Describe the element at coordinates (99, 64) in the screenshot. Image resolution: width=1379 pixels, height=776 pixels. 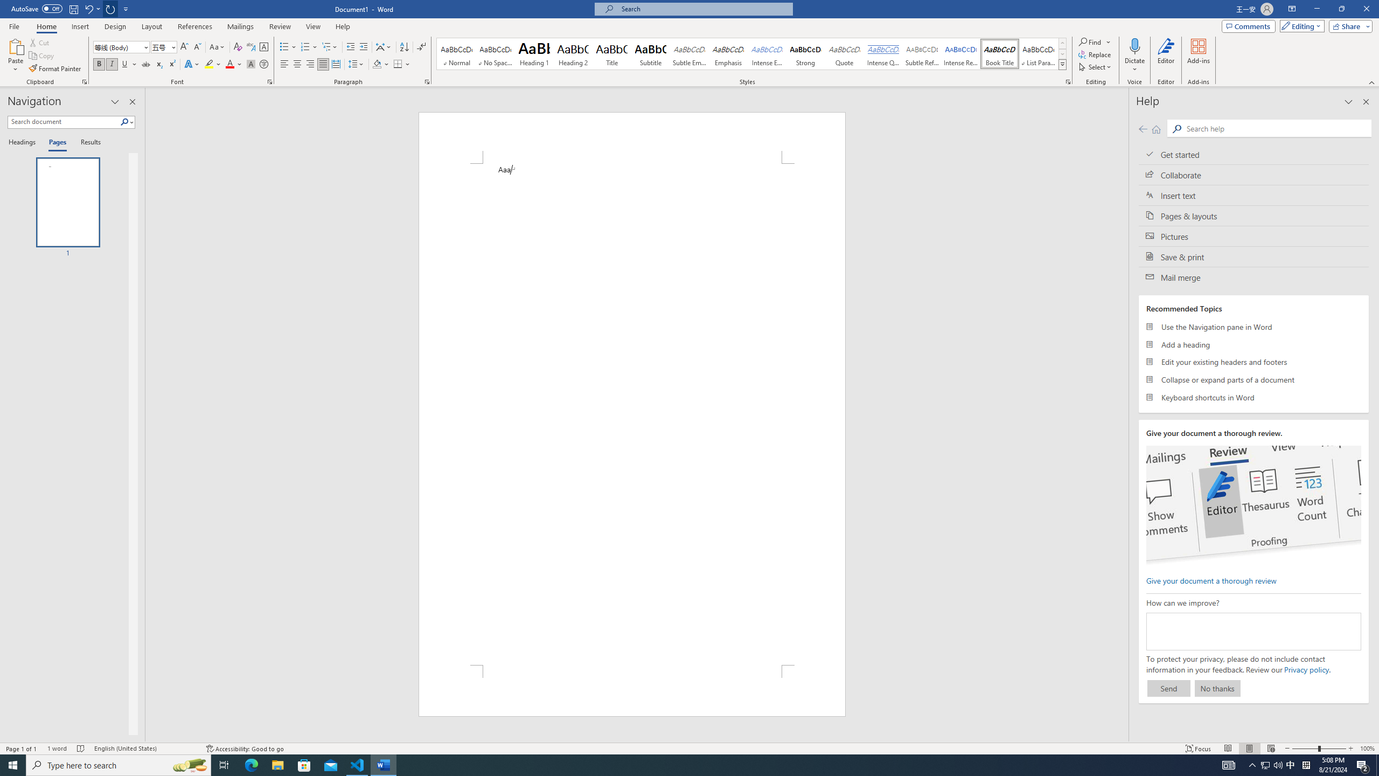
I see `'Bold'` at that location.